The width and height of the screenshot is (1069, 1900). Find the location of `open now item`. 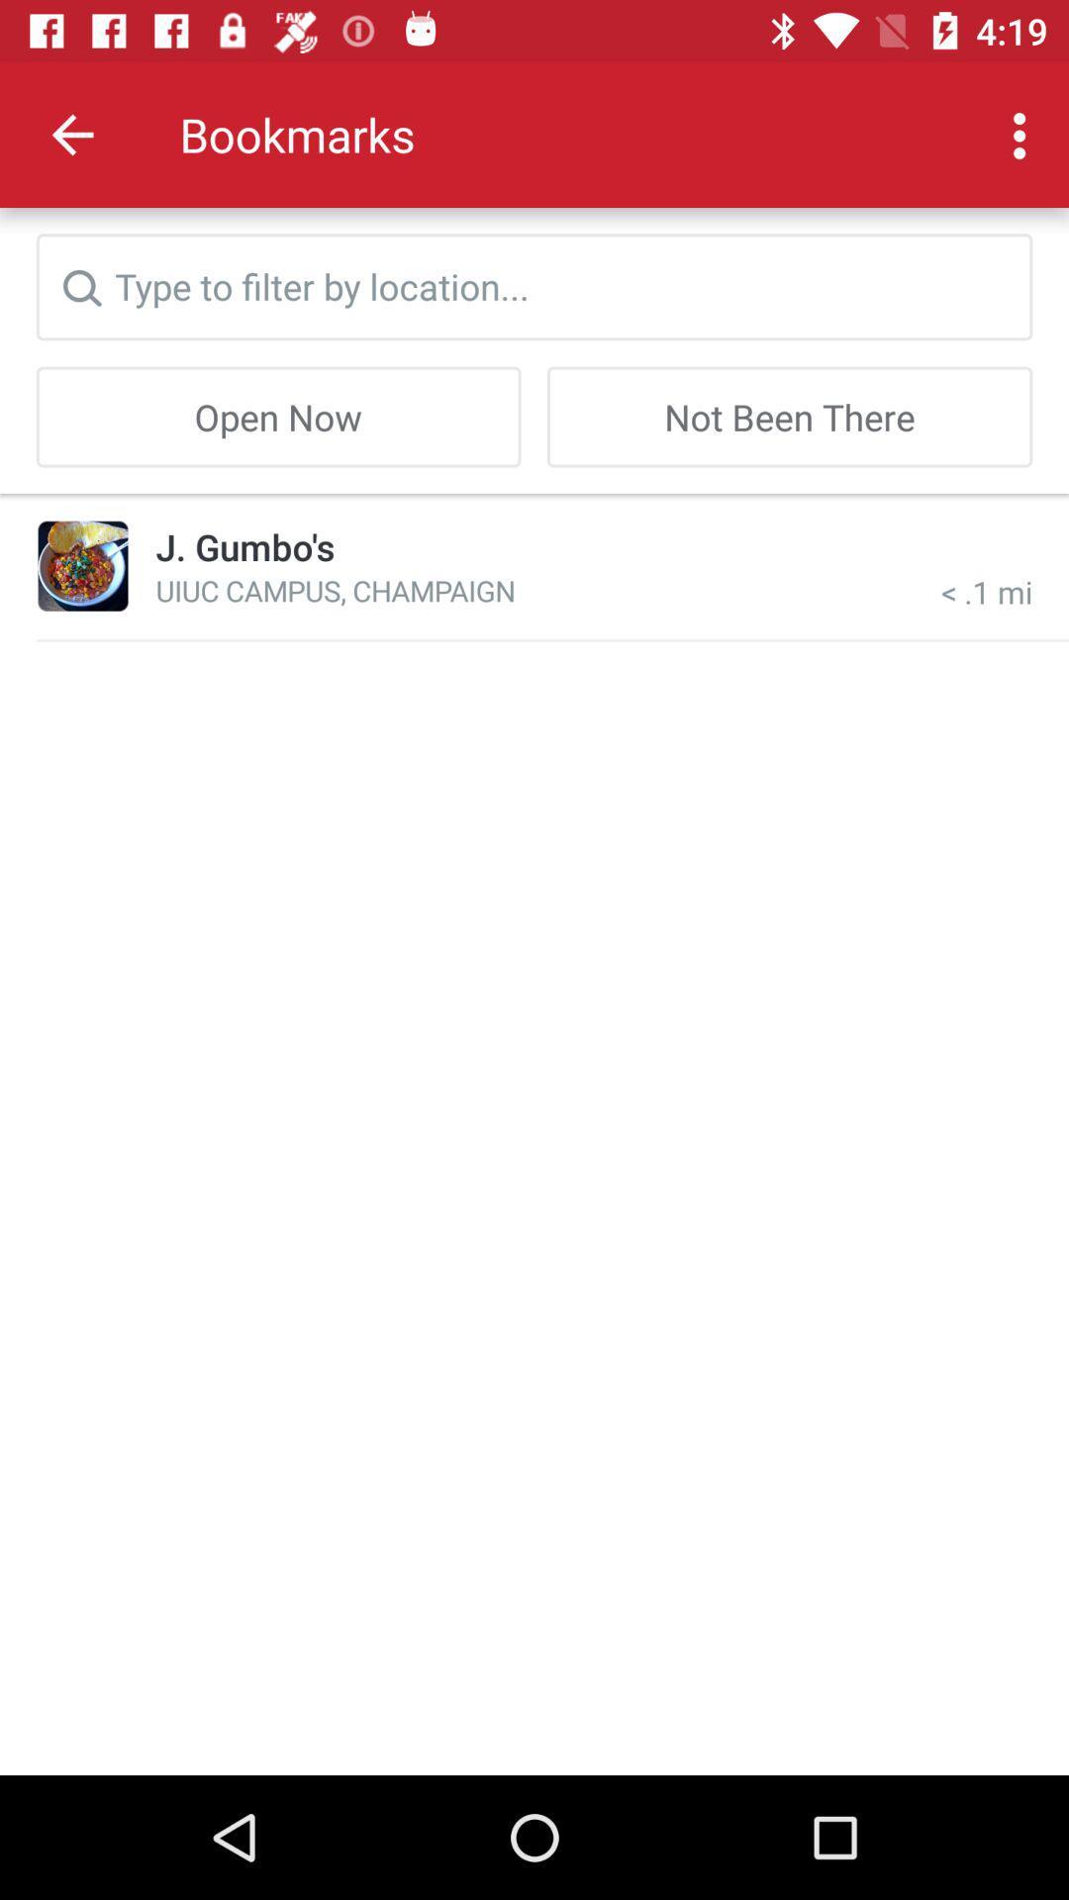

open now item is located at coordinates (278, 416).